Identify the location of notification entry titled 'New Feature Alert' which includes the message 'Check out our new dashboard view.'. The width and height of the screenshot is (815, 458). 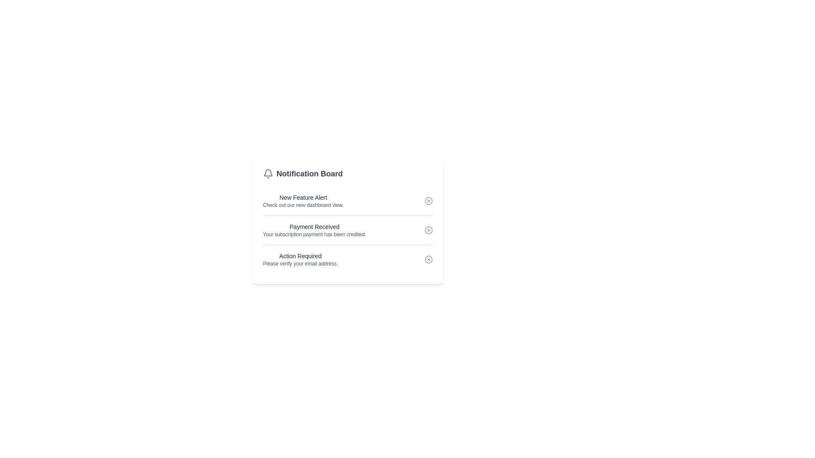
(348, 201).